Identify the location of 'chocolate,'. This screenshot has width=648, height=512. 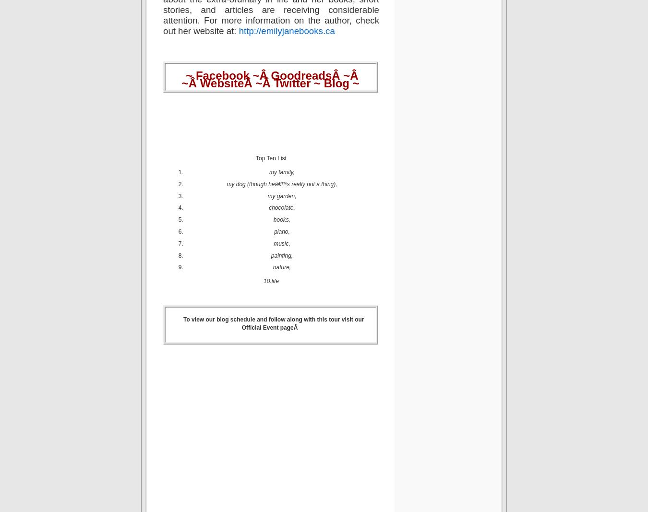
(281, 207).